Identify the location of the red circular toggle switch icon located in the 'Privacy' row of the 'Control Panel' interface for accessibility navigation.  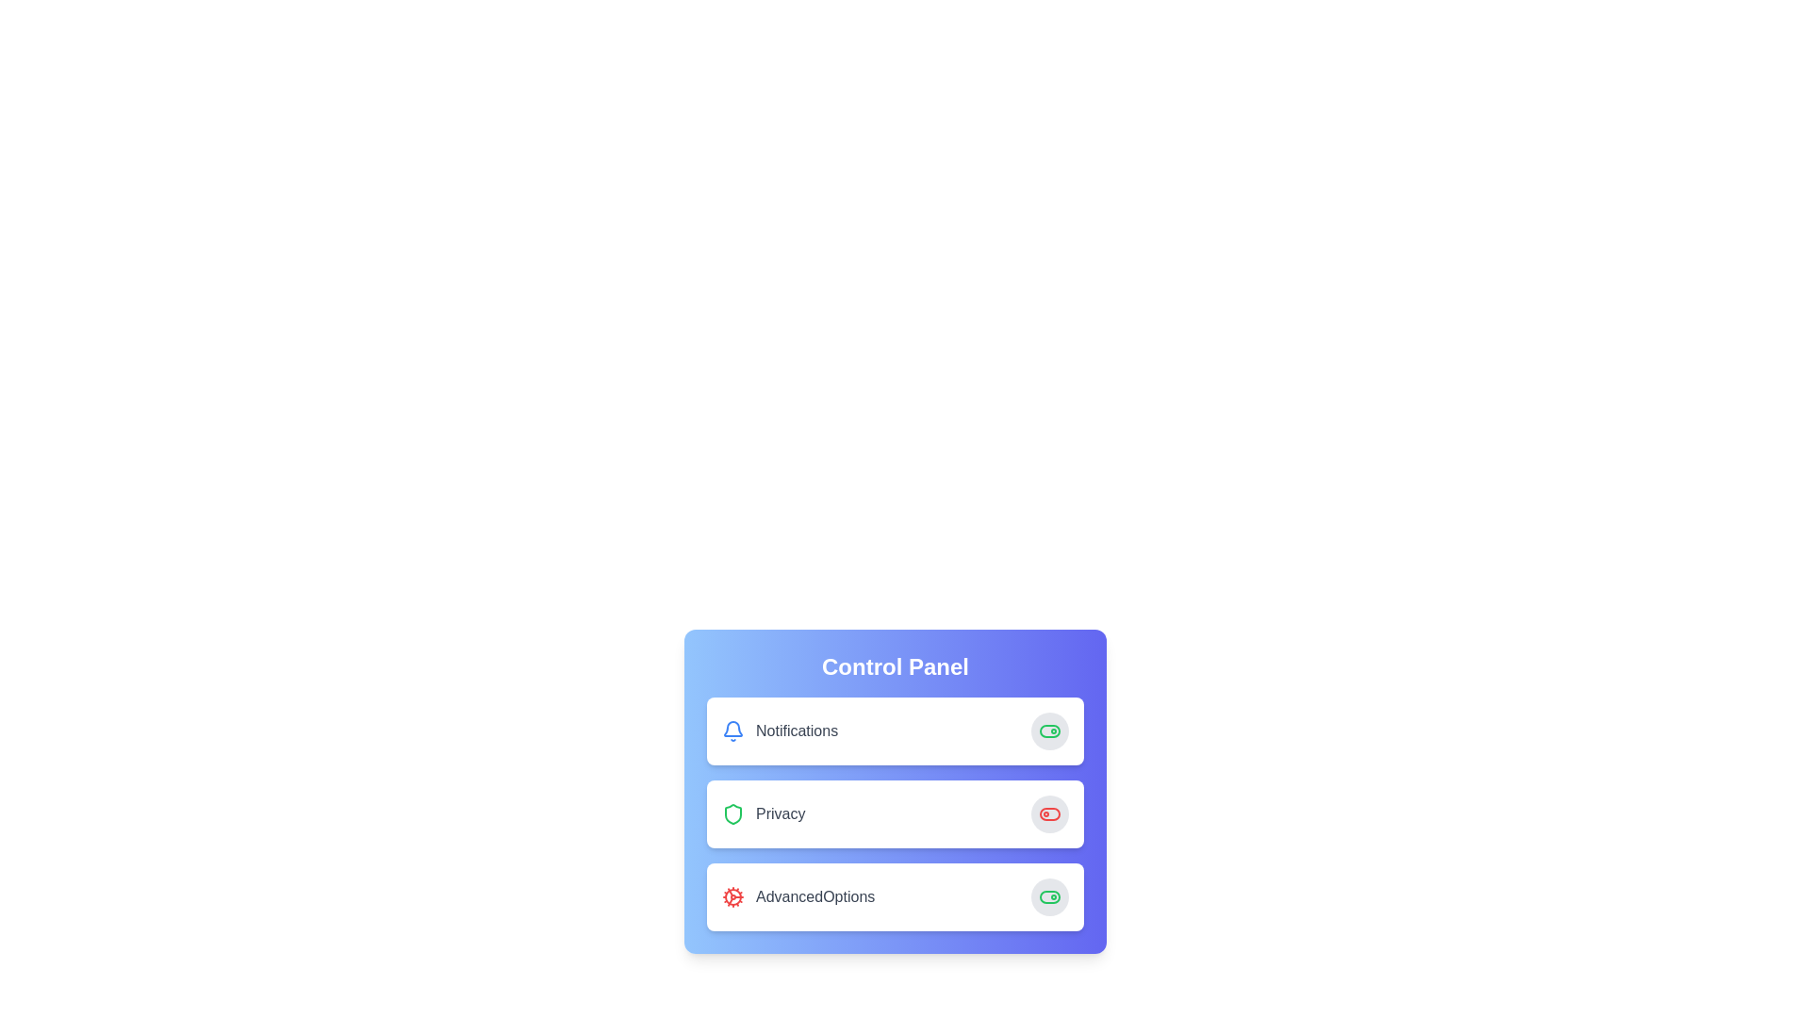
(1048, 813).